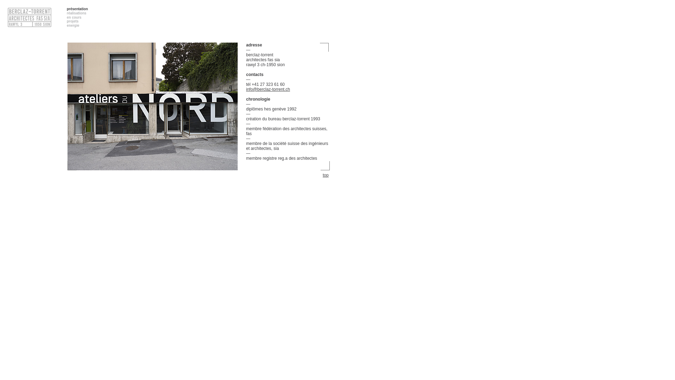 The width and height of the screenshot is (675, 380). What do you see at coordinates (152, 108) in the screenshot?
I see `'bureau d'architectes fas sia sion'` at bounding box center [152, 108].